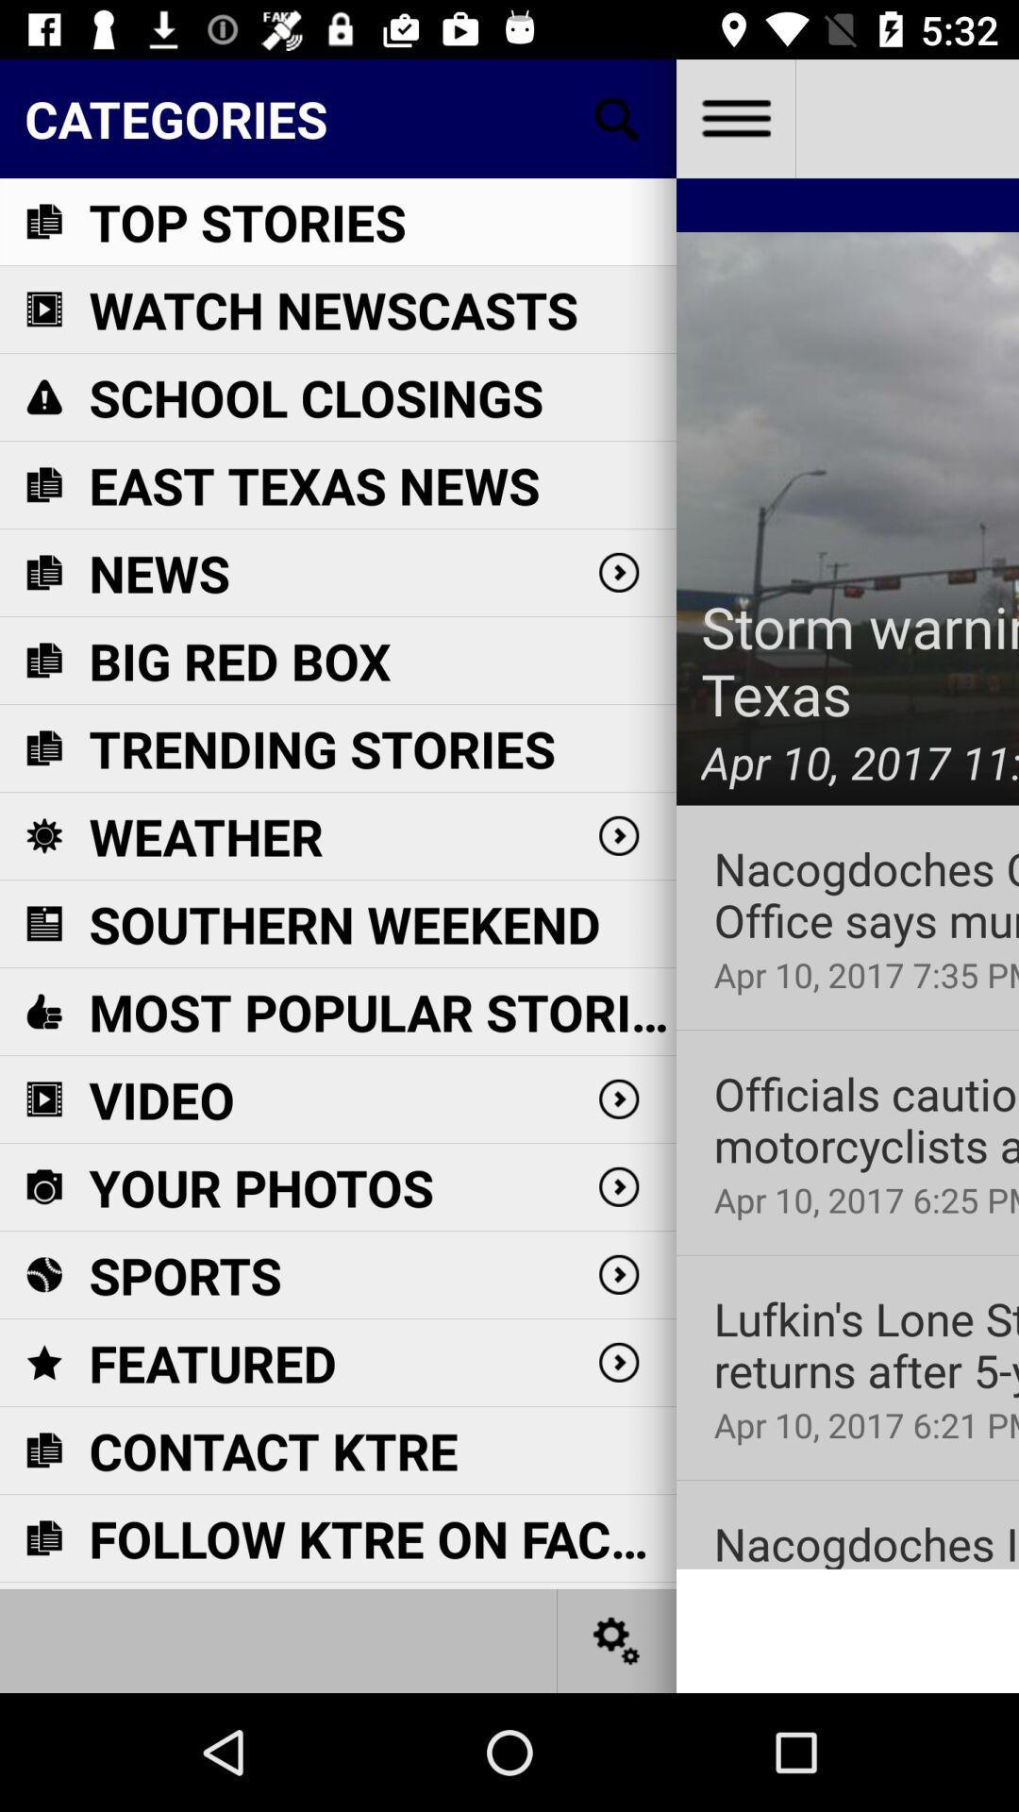 The height and width of the screenshot is (1812, 1019). I want to click on the search icon, so click(617, 117).